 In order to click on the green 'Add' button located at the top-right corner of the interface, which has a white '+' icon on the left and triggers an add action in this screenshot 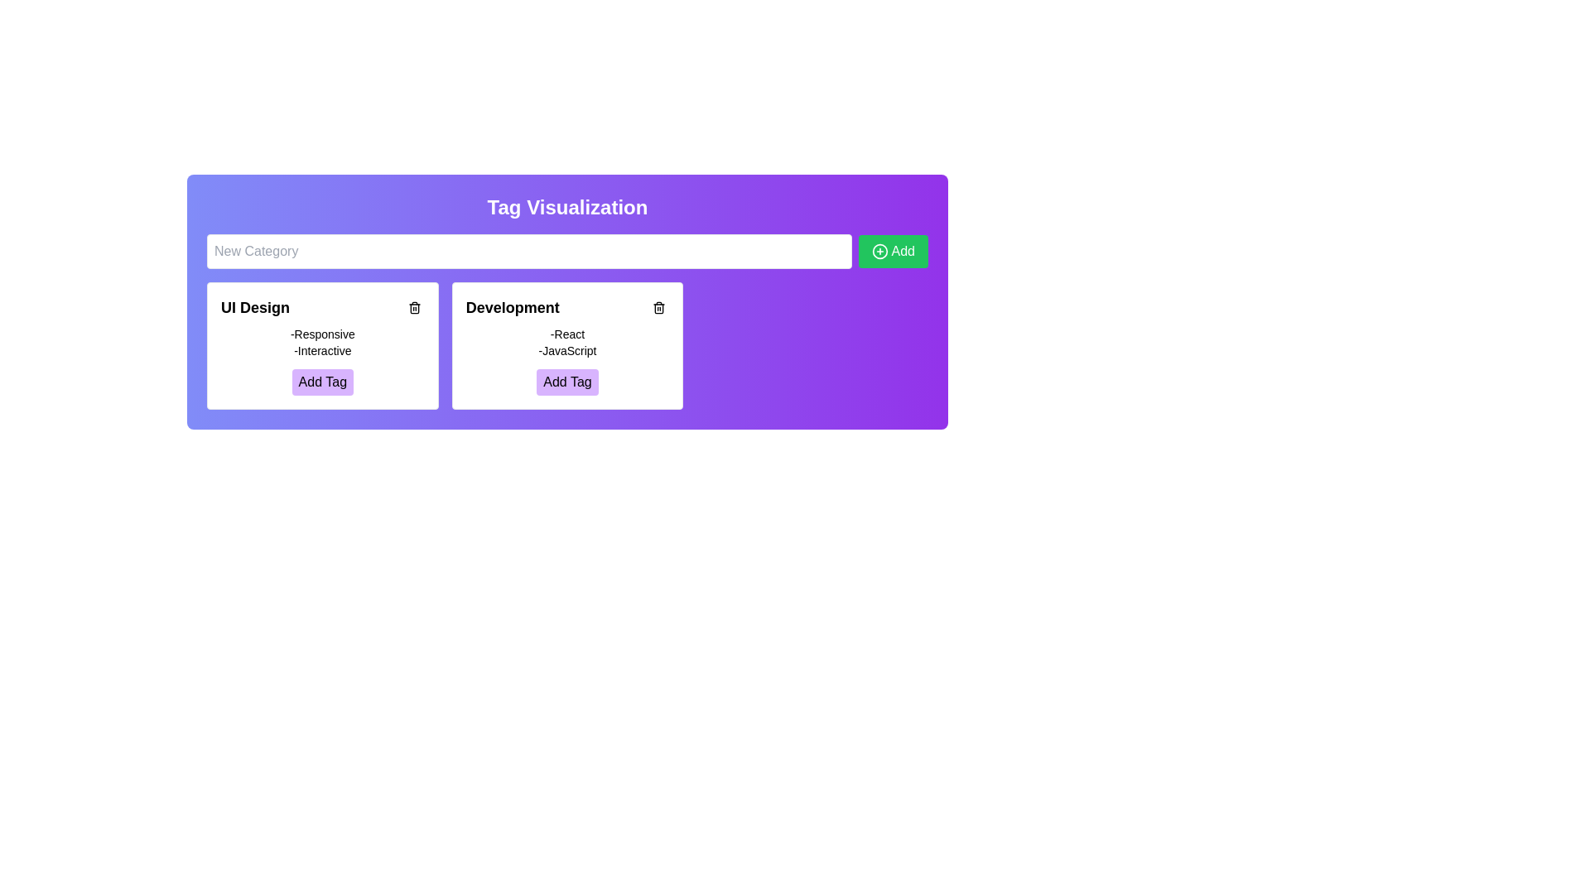, I will do `click(892, 252)`.